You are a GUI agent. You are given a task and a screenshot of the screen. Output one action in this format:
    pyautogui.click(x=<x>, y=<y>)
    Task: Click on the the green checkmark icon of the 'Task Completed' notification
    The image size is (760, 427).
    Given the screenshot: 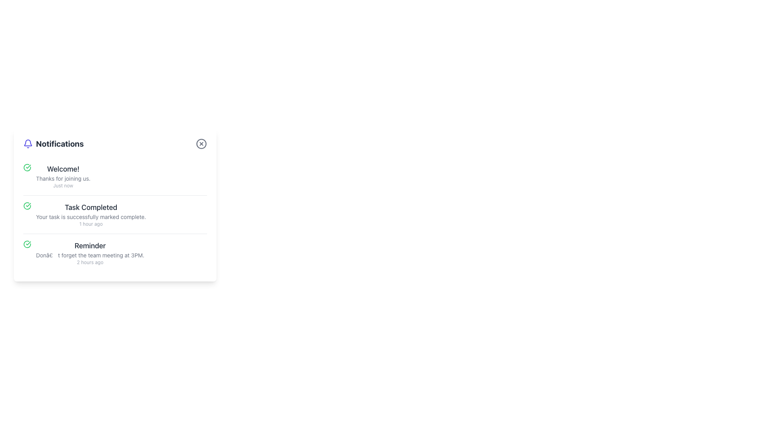 What is the action you would take?
    pyautogui.click(x=115, y=214)
    